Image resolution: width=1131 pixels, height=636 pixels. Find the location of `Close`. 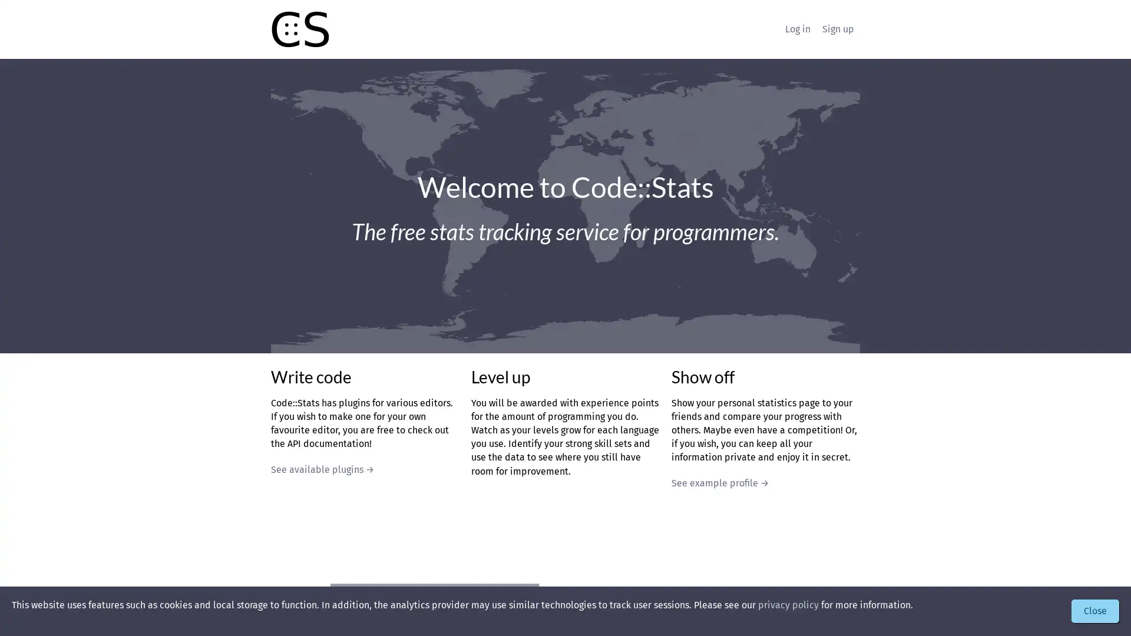

Close is located at coordinates (1094, 610).